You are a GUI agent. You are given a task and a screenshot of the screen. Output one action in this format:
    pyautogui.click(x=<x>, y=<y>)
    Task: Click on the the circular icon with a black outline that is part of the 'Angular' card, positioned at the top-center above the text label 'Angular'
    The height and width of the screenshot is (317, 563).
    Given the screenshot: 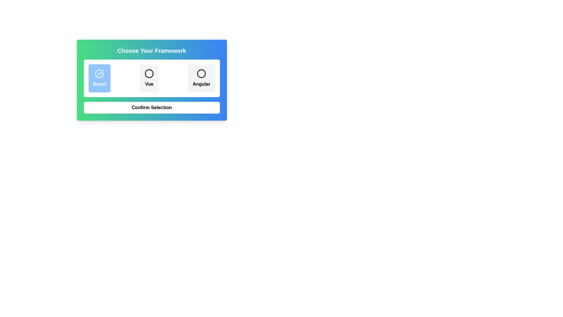 What is the action you would take?
    pyautogui.click(x=201, y=73)
    